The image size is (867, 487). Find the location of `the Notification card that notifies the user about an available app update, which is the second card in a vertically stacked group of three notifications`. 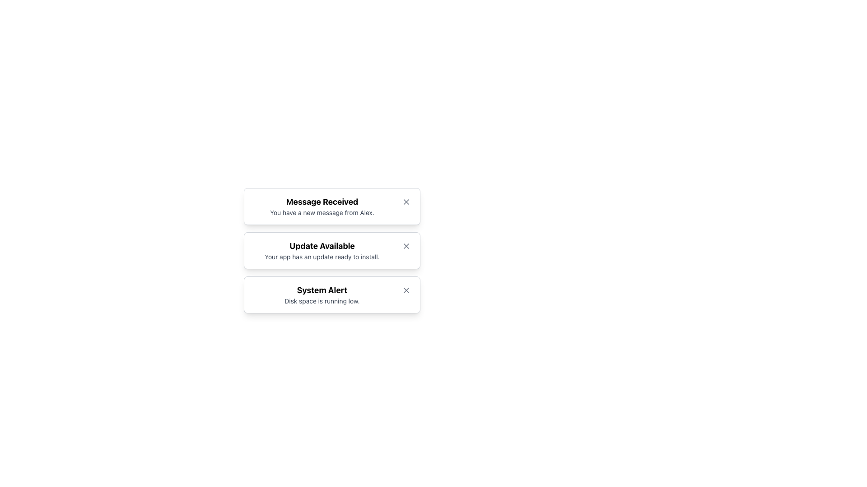

the Notification card that notifies the user about an available app update, which is the second card in a vertically stacked group of three notifications is located at coordinates (331, 250).